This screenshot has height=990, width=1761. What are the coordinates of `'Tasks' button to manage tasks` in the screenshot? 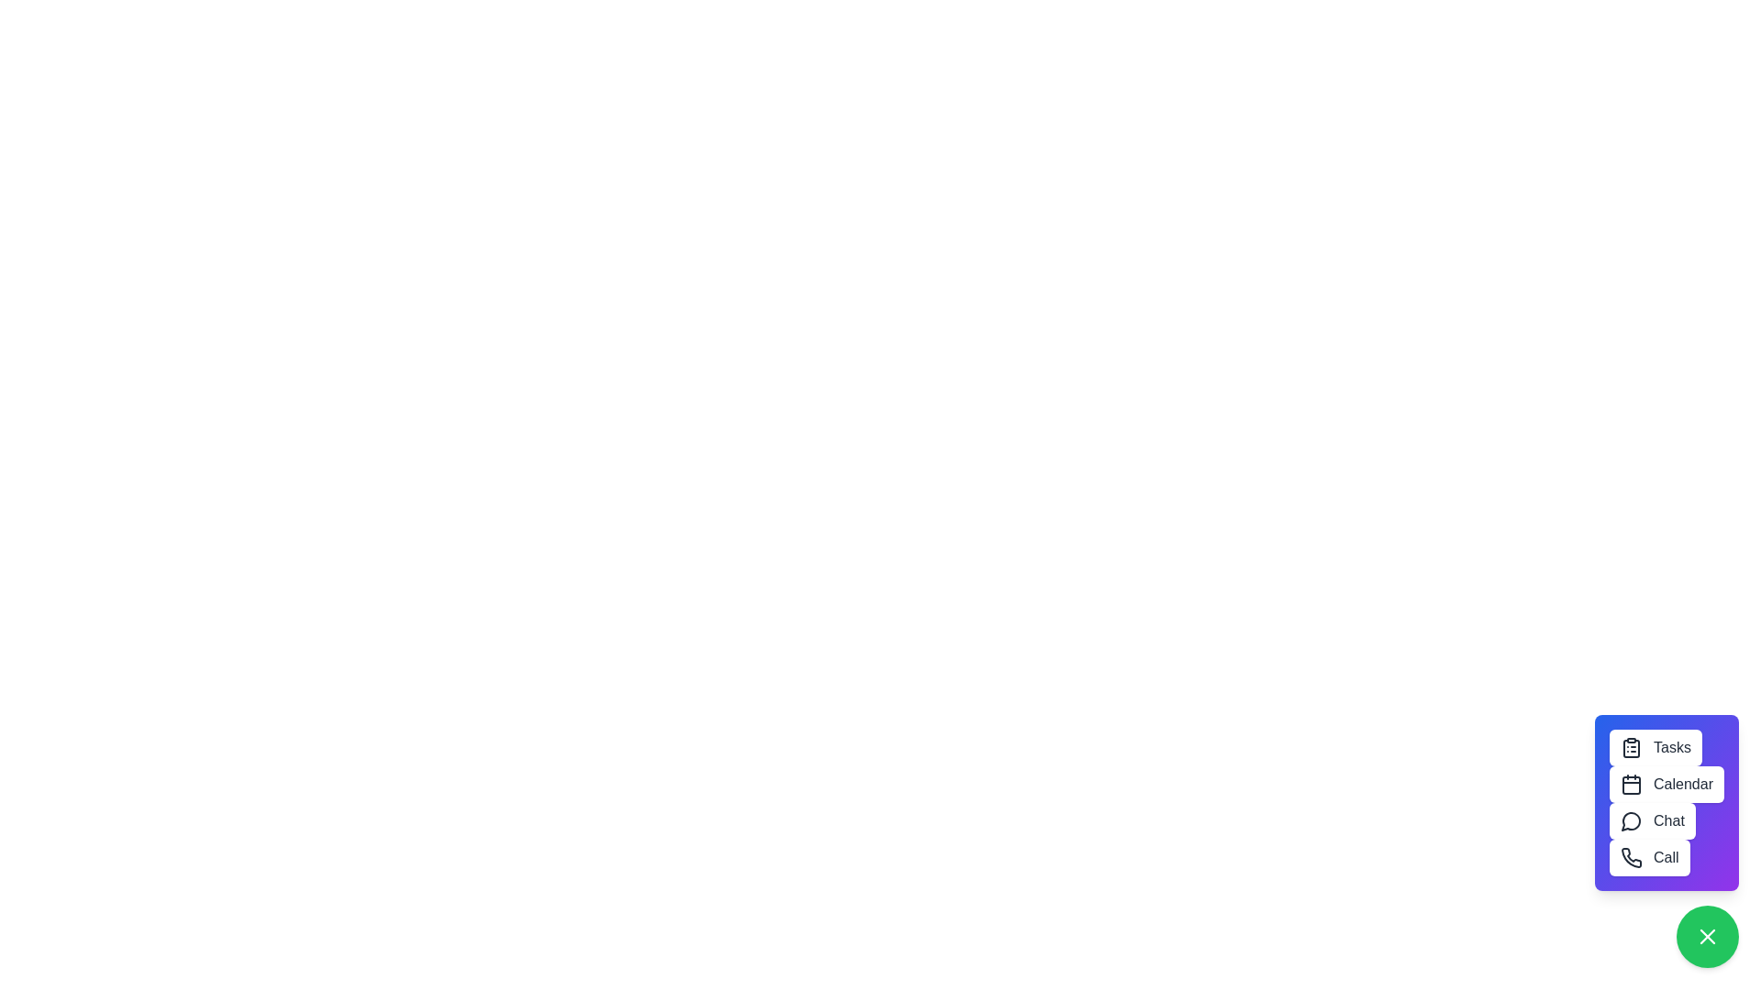 It's located at (1656, 748).